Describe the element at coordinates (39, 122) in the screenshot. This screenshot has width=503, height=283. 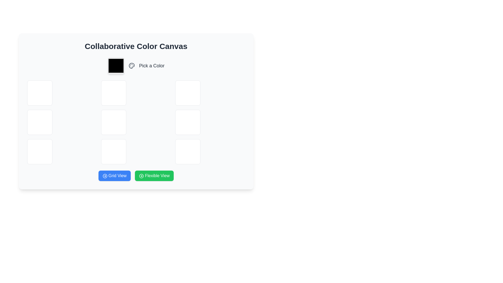
I see `the selectable grid item located in the second row, first column of the 3x3 grid layout` at that location.